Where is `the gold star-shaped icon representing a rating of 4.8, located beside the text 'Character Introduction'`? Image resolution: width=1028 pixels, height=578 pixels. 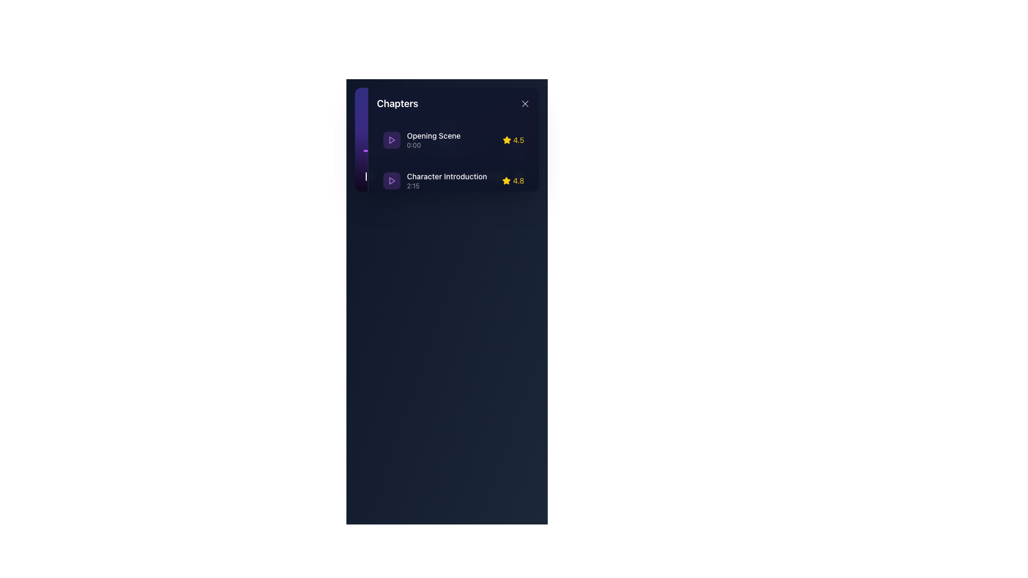
the gold star-shaped icon representing a rating of 4.8, located beside the text 'Character Introduction' is located at coordinates (506, 139).